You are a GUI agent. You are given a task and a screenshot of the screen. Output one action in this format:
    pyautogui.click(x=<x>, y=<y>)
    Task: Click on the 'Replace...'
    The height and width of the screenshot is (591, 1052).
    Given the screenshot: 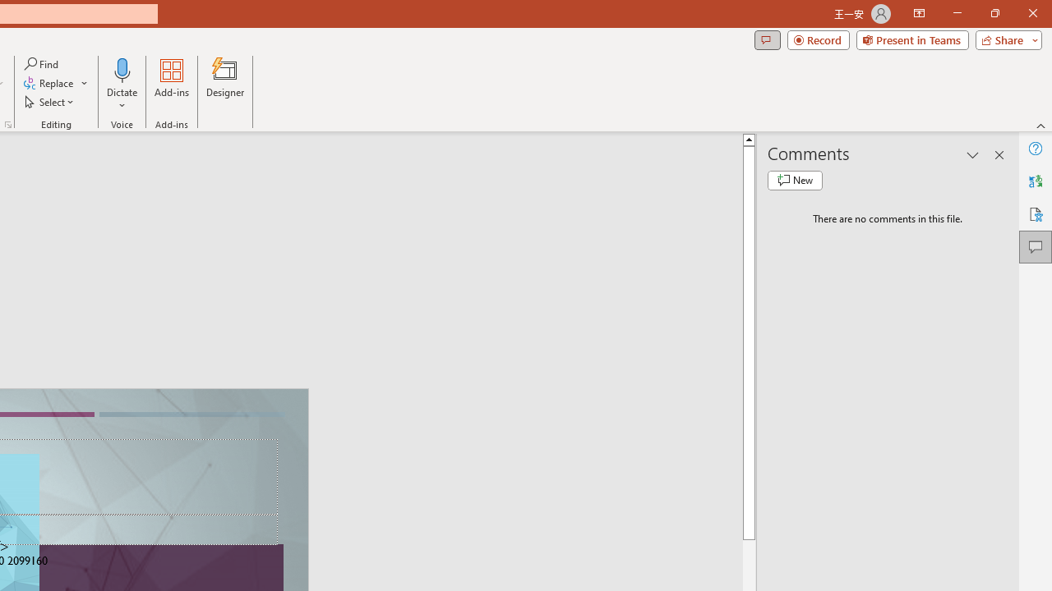 What is the action you would take?
    pyautogui.click(x=49, y=83)
    